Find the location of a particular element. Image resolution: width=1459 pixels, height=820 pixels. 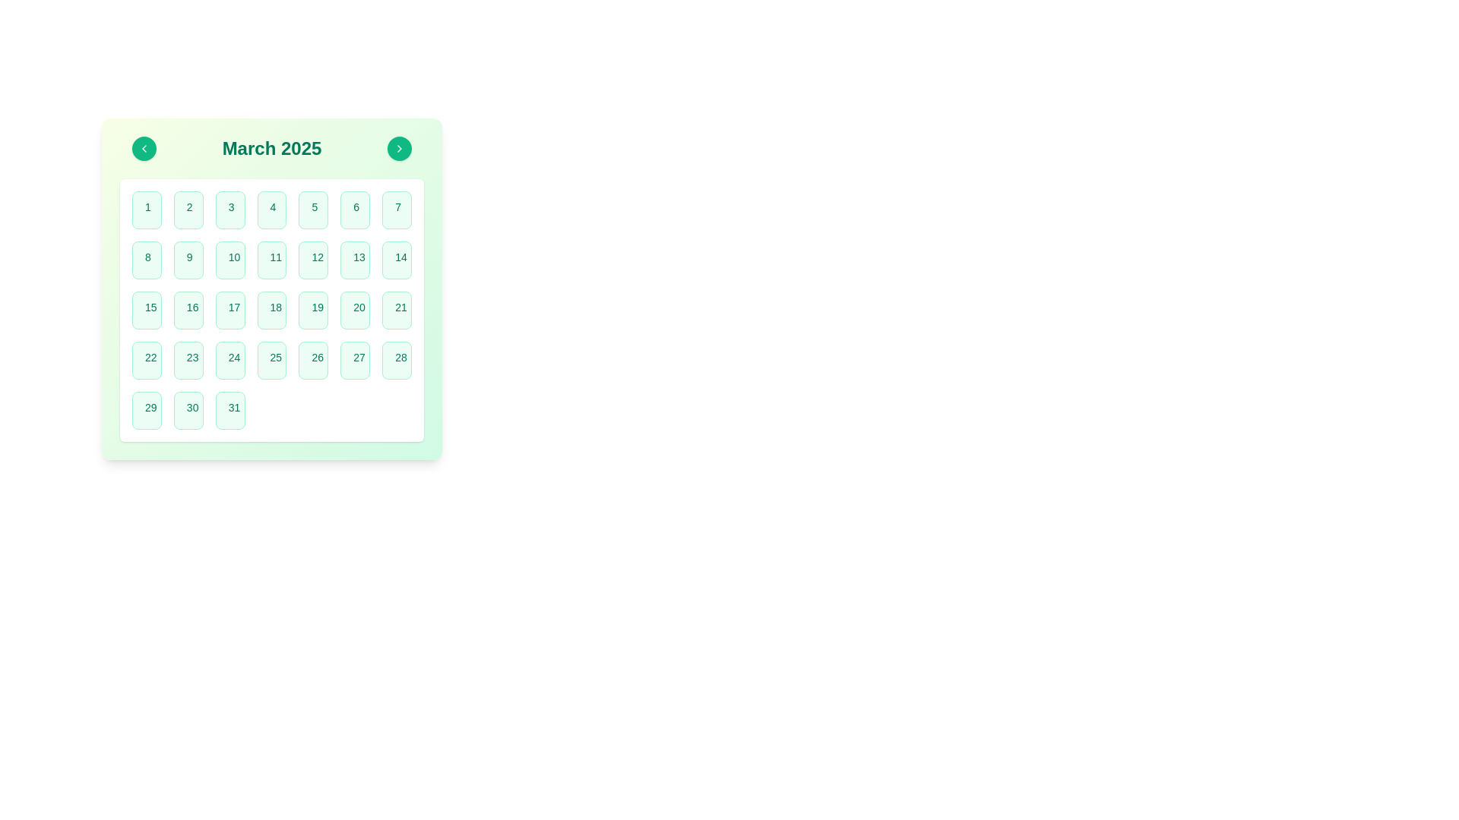

the clickable calendar date element representing the 24th date is located at coordinates (229, 360).